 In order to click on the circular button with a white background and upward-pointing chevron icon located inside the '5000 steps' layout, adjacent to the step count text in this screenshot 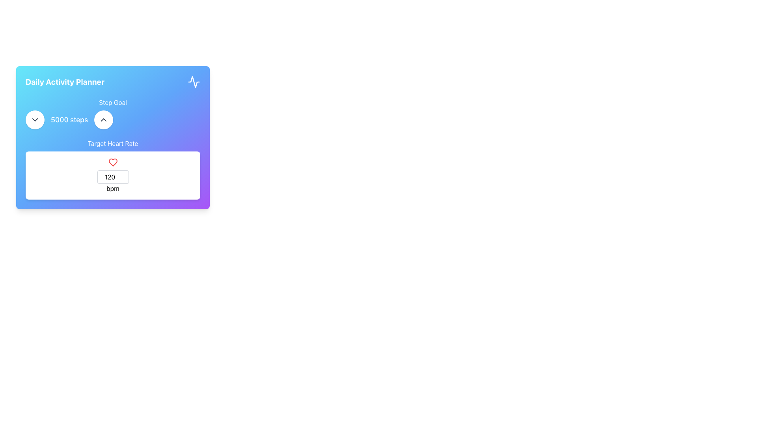, I will do `click(103, 120)`.